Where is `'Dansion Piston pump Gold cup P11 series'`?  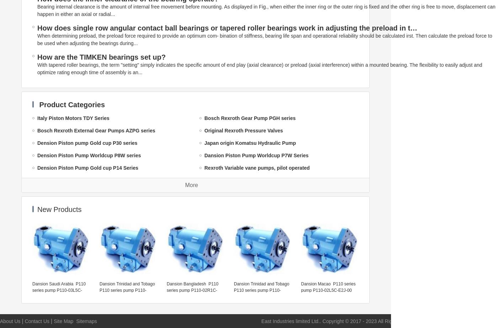 'Dansion Piston pump Gold cup P11 series' is located at coordinates (204, 267).